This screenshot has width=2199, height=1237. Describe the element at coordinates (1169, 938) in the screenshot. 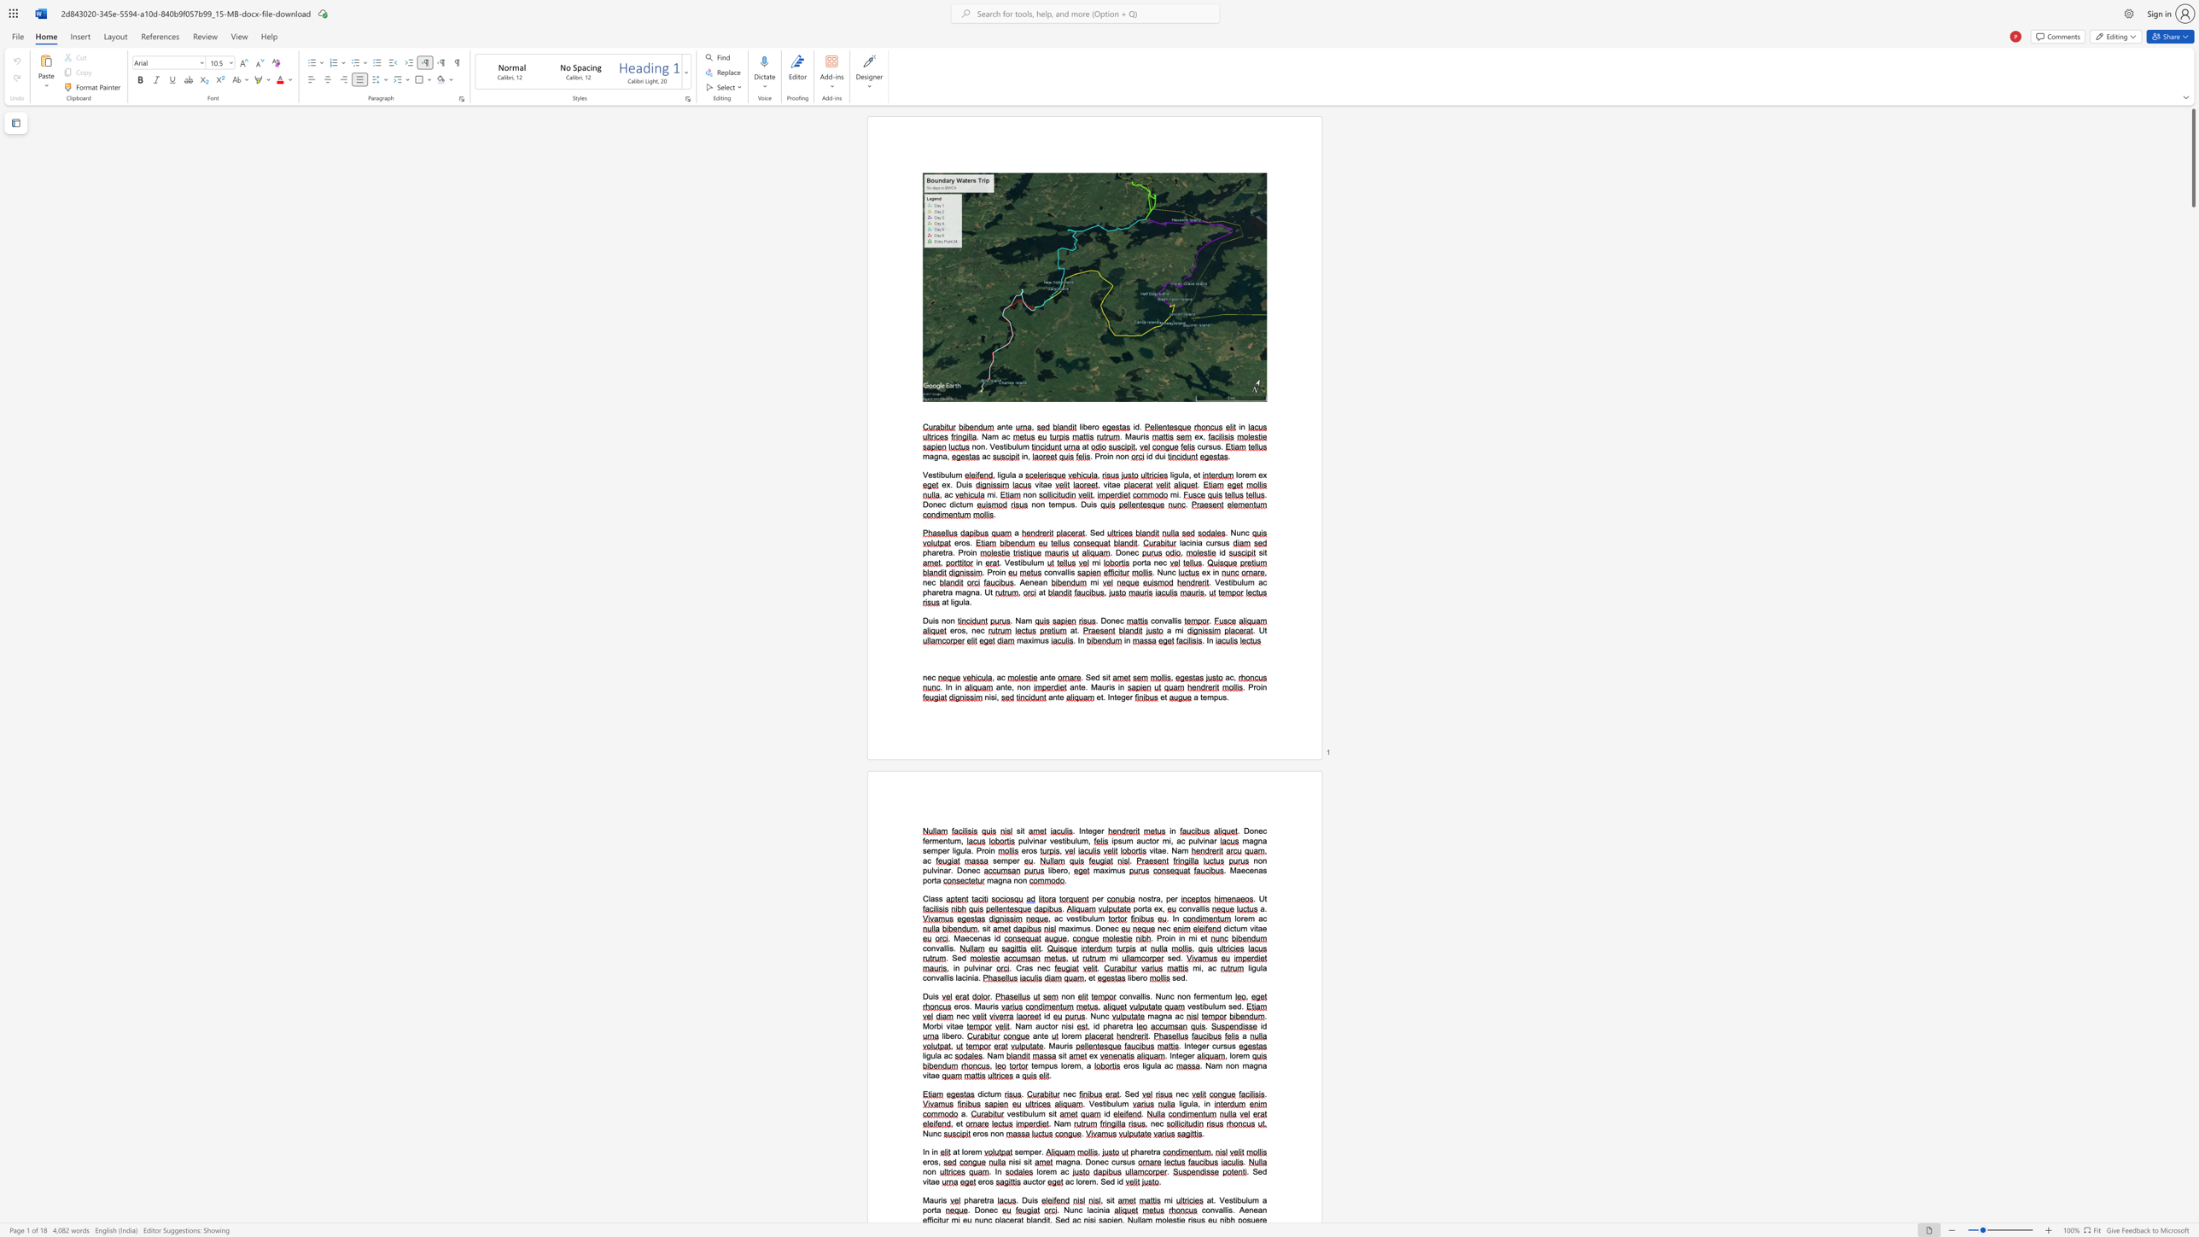

I see `the 1th character "i" in the text` at that location.